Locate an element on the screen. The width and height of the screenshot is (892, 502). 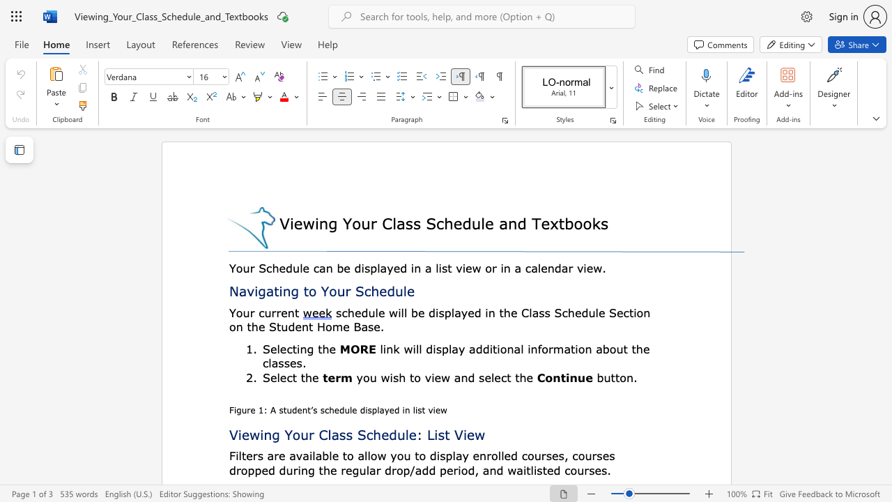
the subset text "na" within the text "additional" is located at coordinates (506, 348).